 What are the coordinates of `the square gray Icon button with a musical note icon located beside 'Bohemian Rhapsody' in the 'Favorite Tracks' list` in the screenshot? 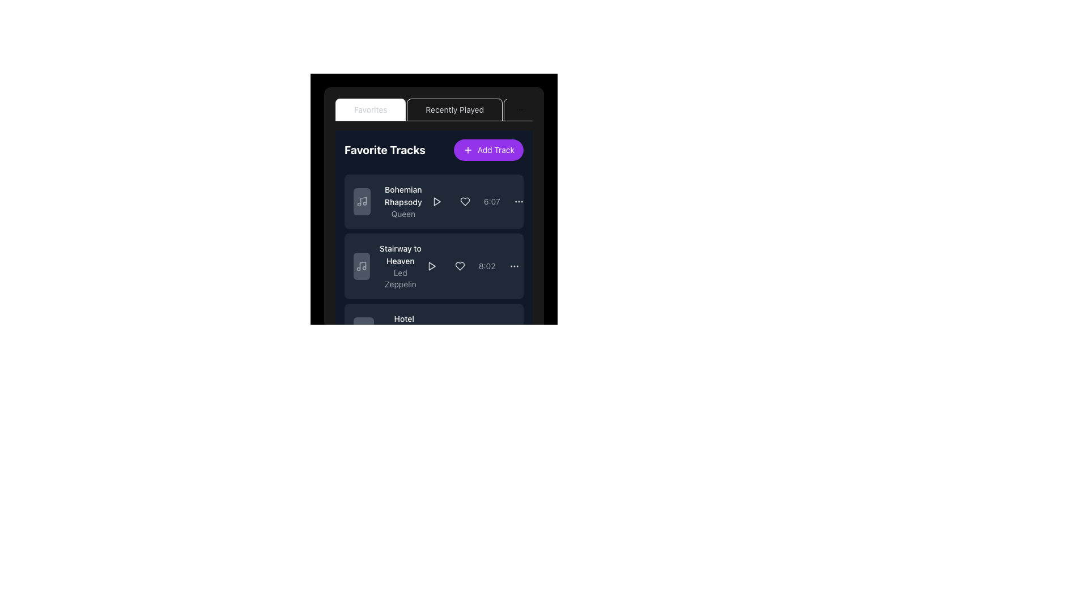 It's located at (361, 201).